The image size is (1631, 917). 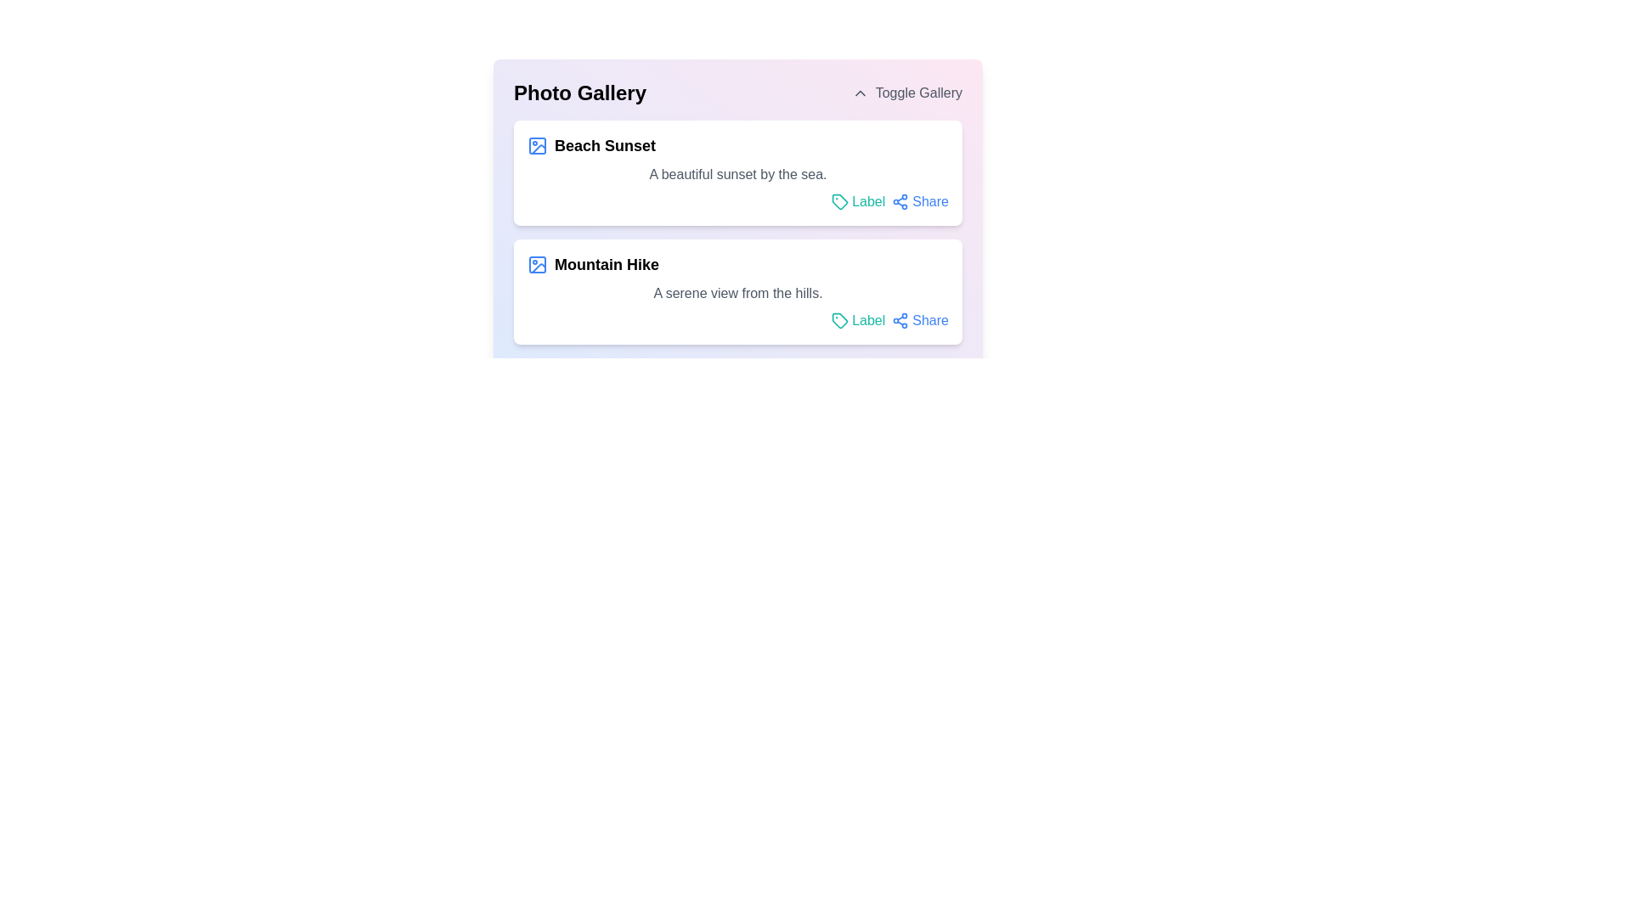 I want to click on the decorative tag icon located to the left of the 'Label' button for the 'Beach Sunset' item in the gallery list, so click(x=840, y=201).